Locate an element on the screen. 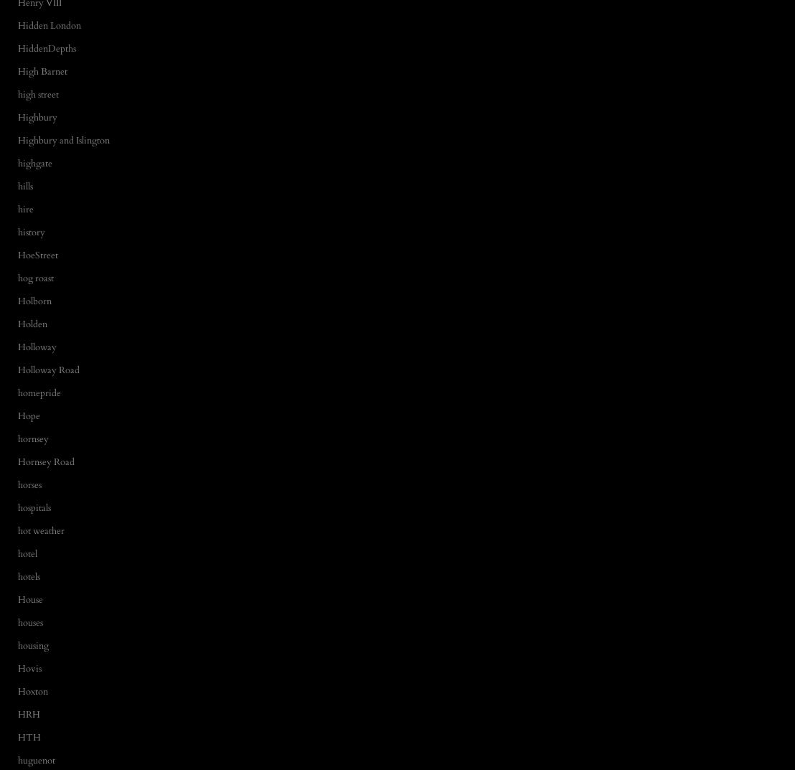 The image size is (795, 770). 'history' is located at coordinates (31, 231).